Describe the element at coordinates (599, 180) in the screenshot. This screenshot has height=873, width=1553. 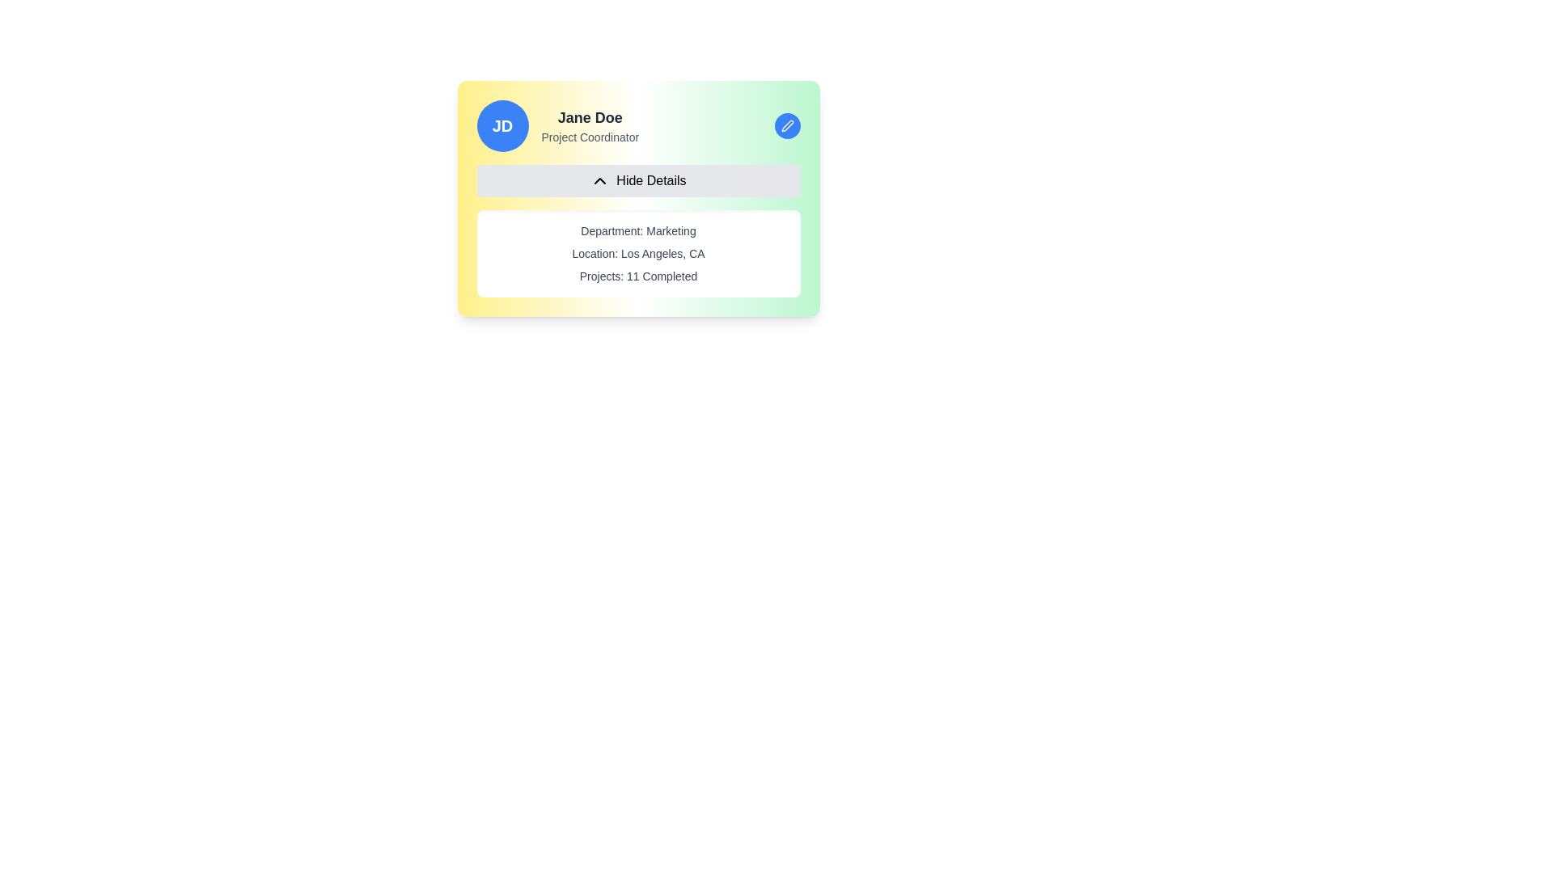
I see `the chevron icon located to the left of the 'Hide Details' button, which indicates a collapsing or hiding functionality` at that location.